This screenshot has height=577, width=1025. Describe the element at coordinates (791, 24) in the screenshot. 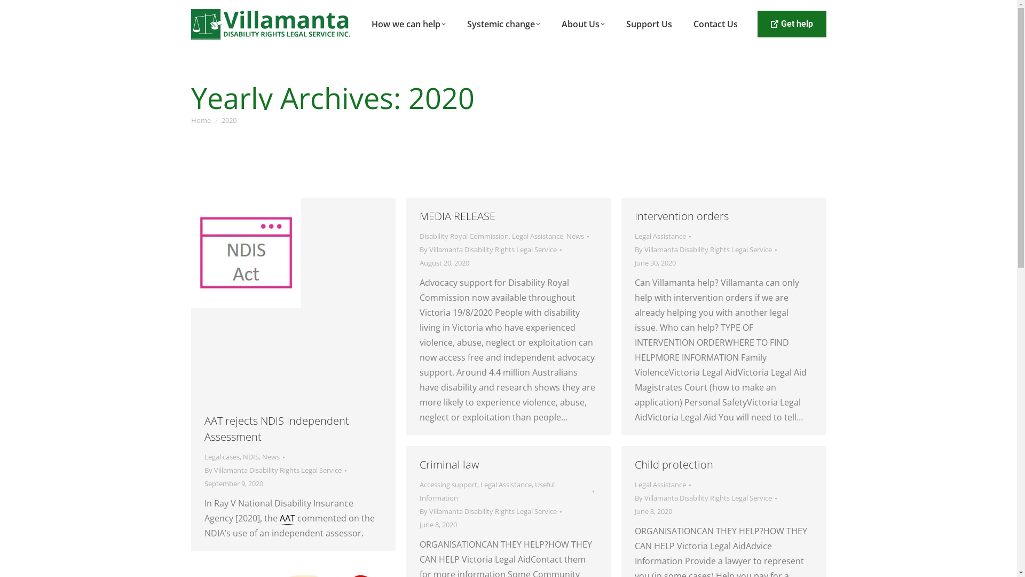

I see `'Get help'` at that location.